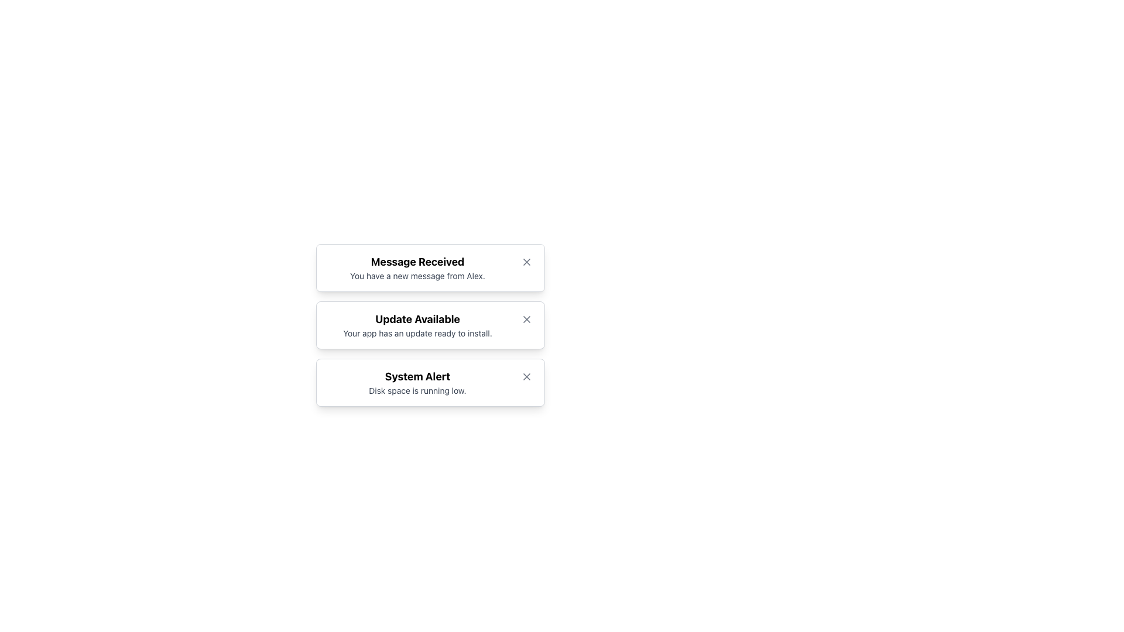 This screenshot has width=1124, height=632. What do you see at coordinates (526, 377) in the screenshot?
I see `the close graphical icon within the 'System Alert' notification box` at bounding box center [526, 377].